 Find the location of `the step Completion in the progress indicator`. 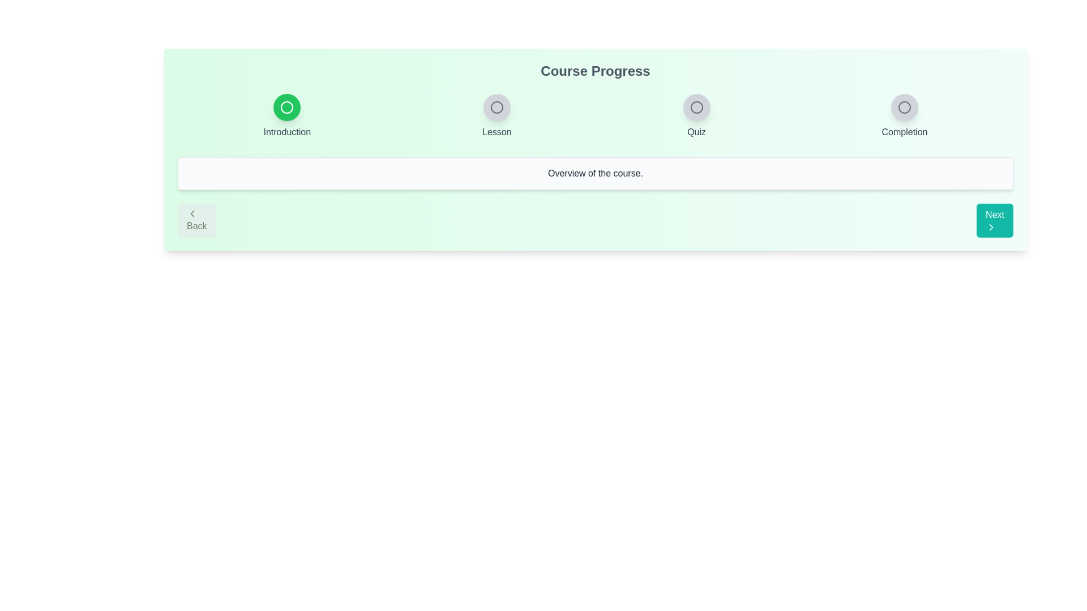

the step Completion in the progress indicator is located at coordinates (904, 107).